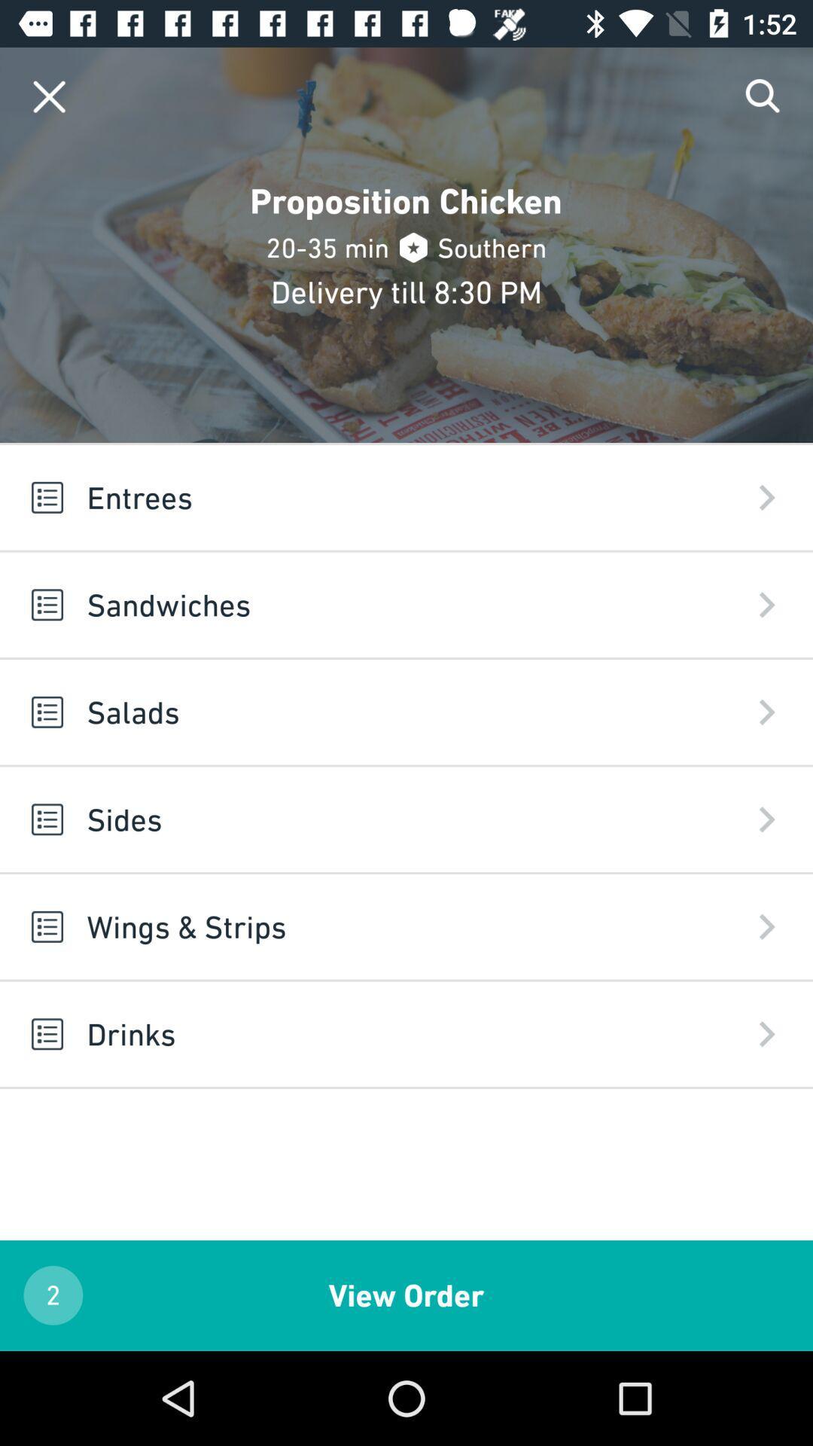 This screenshot has height=1446, width=813. Describe the element at coordinates (48, 96) in the screenshot. I see `result` at that location.